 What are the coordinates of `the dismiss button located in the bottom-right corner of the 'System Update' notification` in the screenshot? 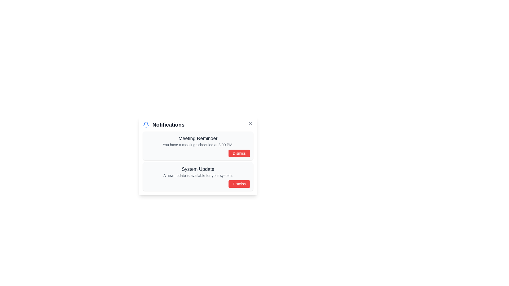 It's located at (239, 184).